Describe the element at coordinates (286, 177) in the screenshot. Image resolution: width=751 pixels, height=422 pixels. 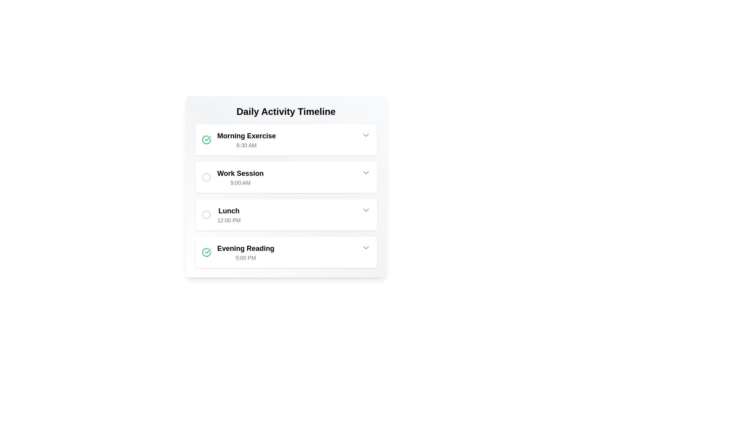
I see `the 'Work Session' card element, which is the second item in the 'Daily Activity Timeline' list` at that location.